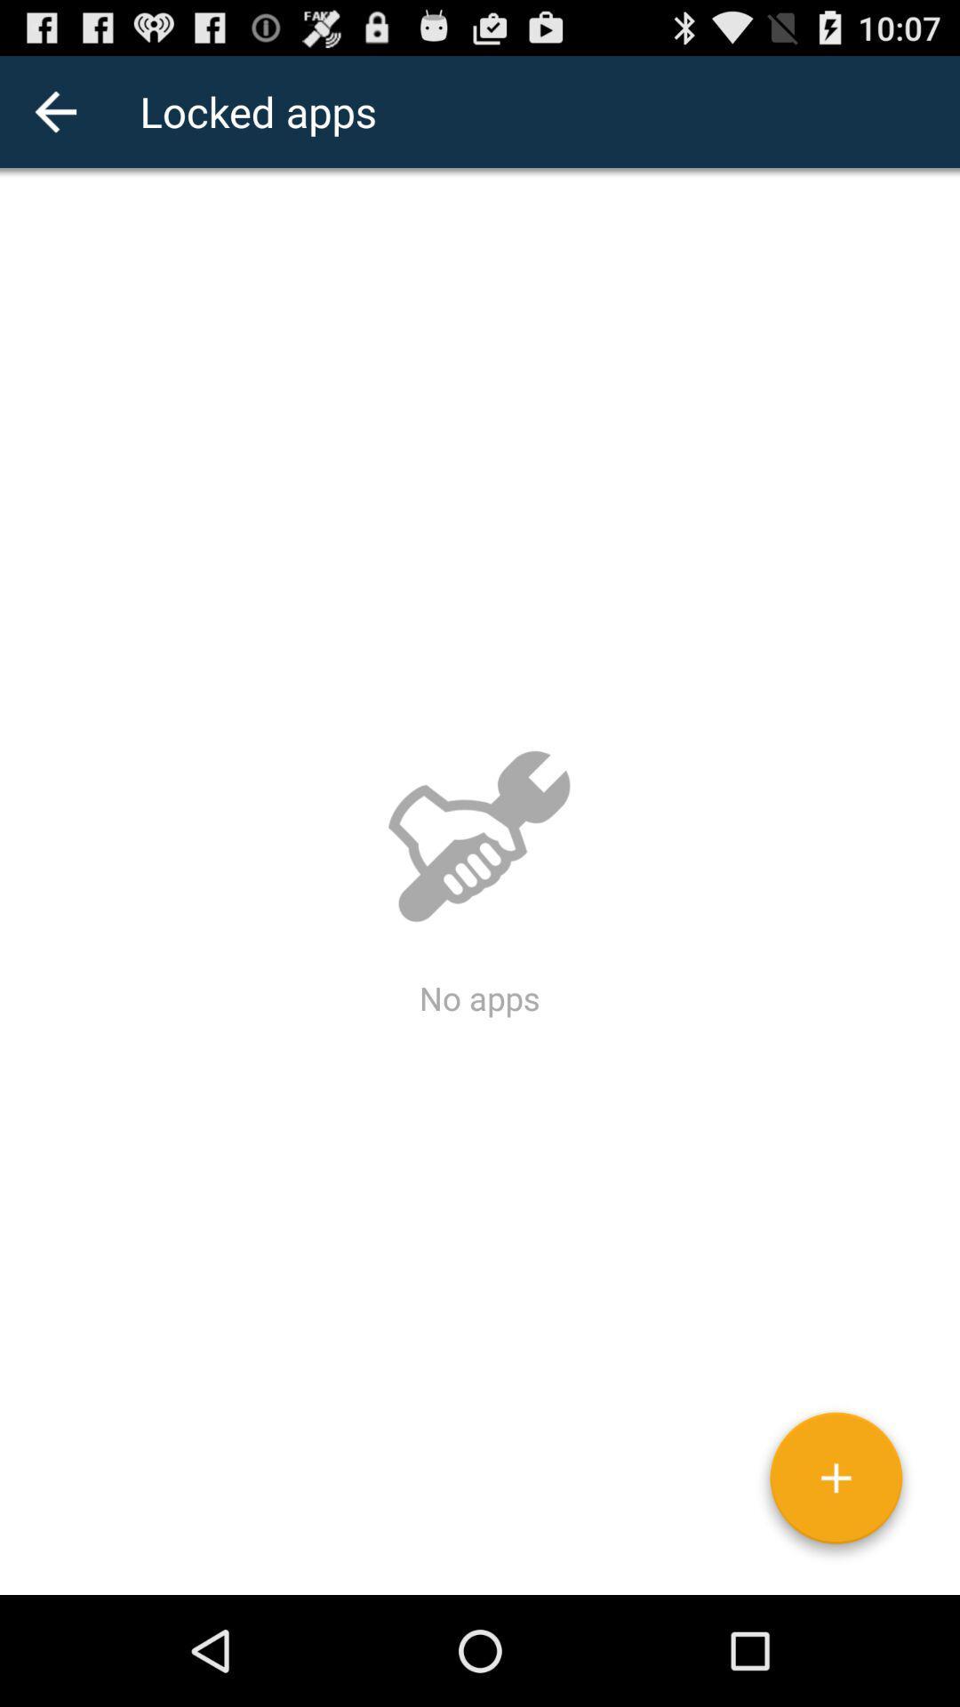 The width and height of the screenshot is (960, 1707). What do you see at coordinates (836, 1589) in the screenshot?
I see `the add icon` at bounding box center [836, 1589].